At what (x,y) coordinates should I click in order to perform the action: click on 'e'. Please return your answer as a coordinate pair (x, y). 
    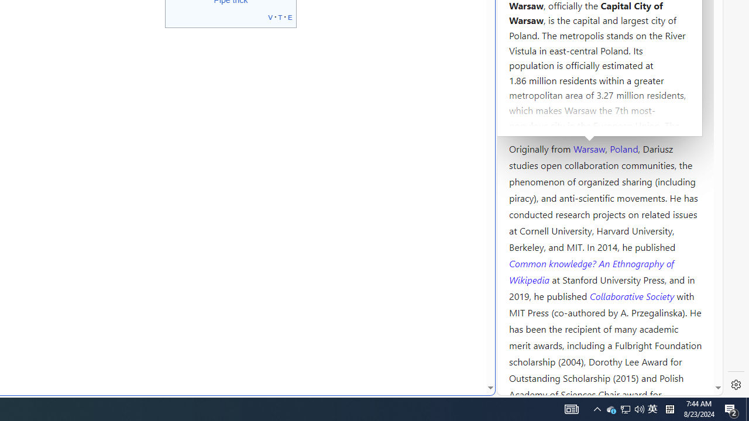
    Looking at the image, I should click on (290, 16).